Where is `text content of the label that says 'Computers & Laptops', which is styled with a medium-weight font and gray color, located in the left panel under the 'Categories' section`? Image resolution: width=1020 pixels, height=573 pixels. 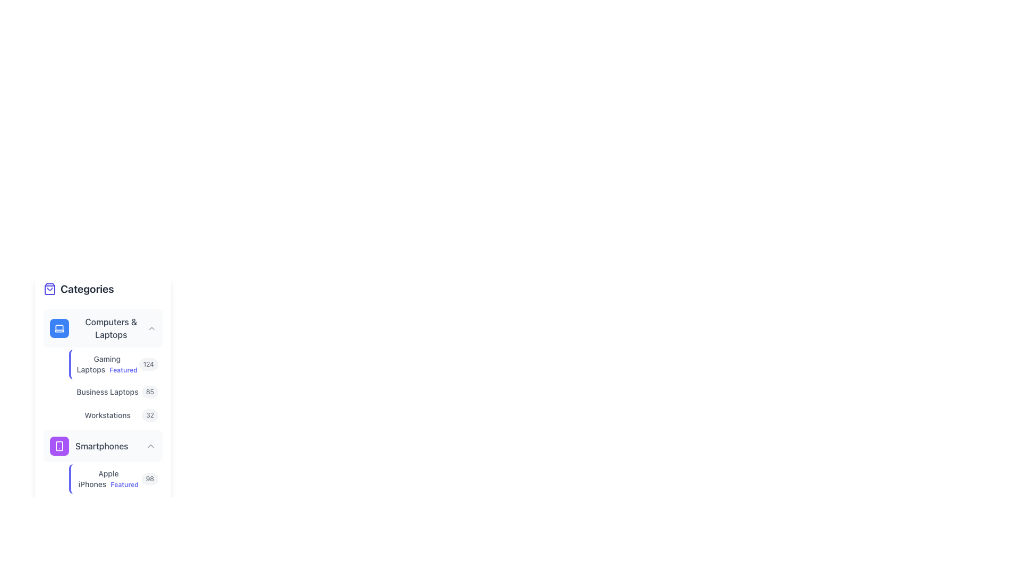 text content of the label that says 'Computers & Laptops', which is styled with a medium-weight font and gray color, located in the left panel under the 'Categories' section is located at coordinates (111, 327).